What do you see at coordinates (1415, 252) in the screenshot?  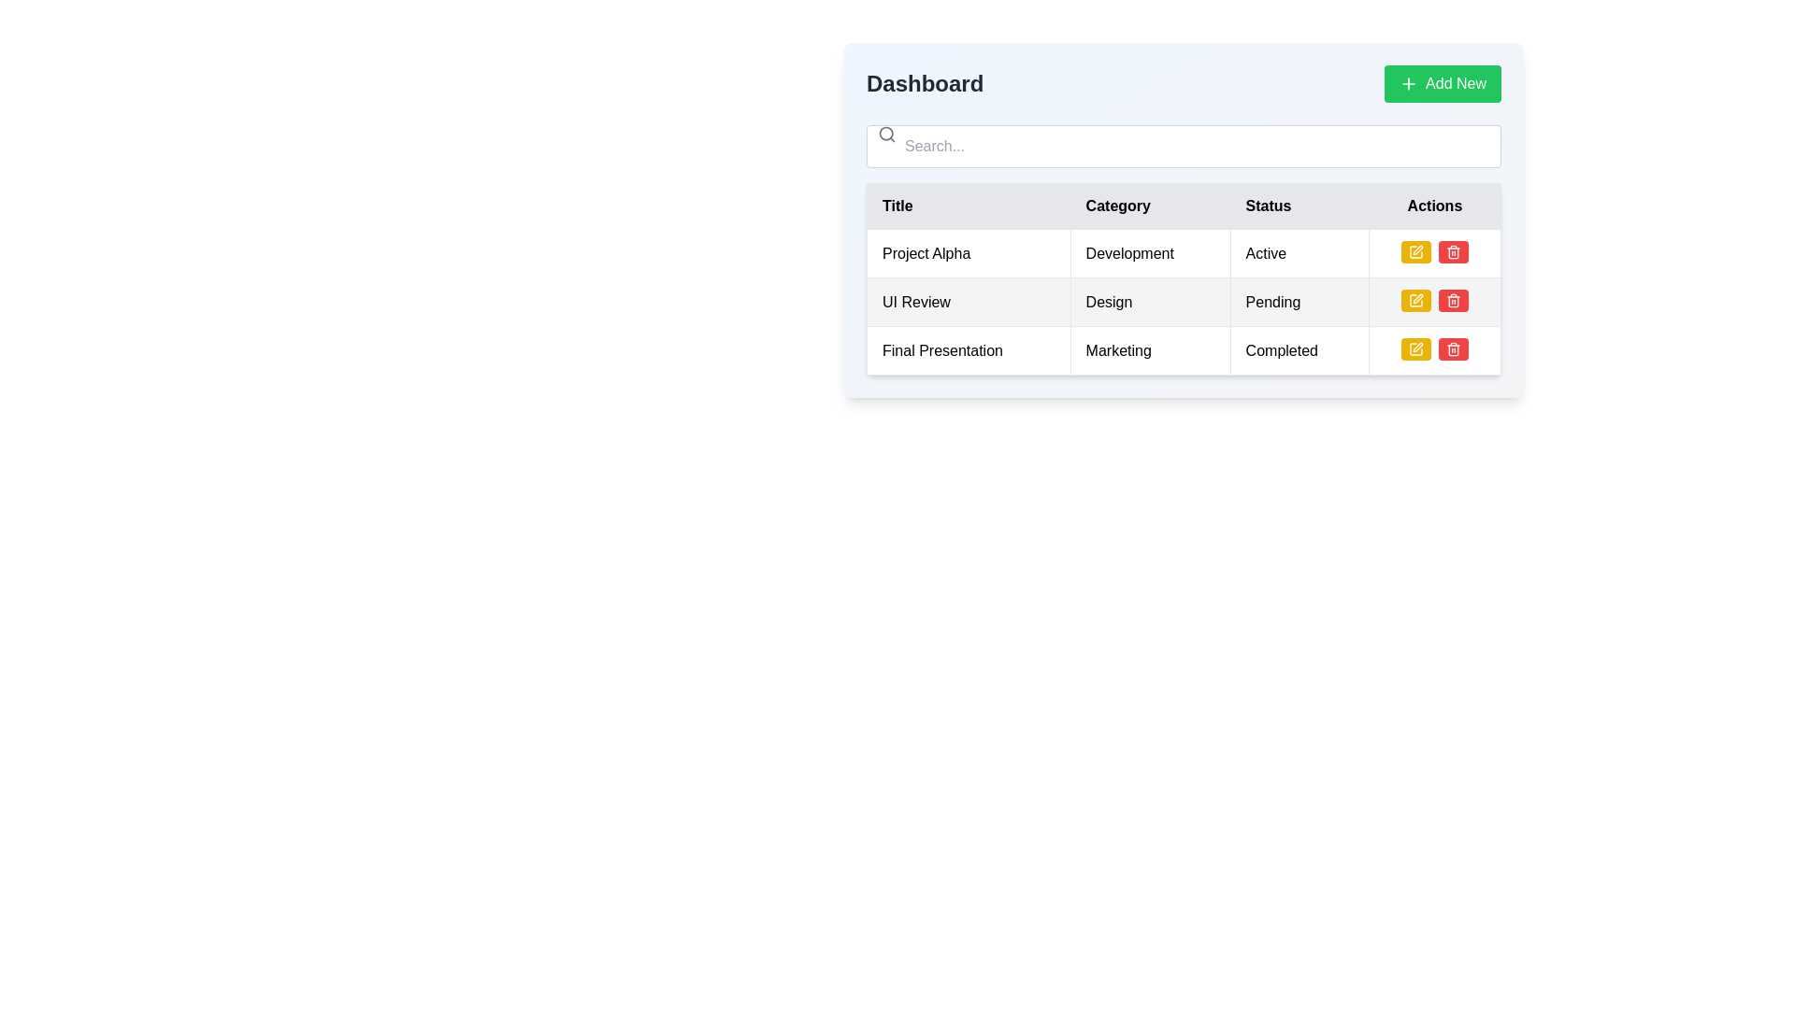 I see `the small rectangular button with a yellow background and white text, featuring a pen icon, located in the 'Actions' column of the first row in a table` at bounding box center [1415, 252].